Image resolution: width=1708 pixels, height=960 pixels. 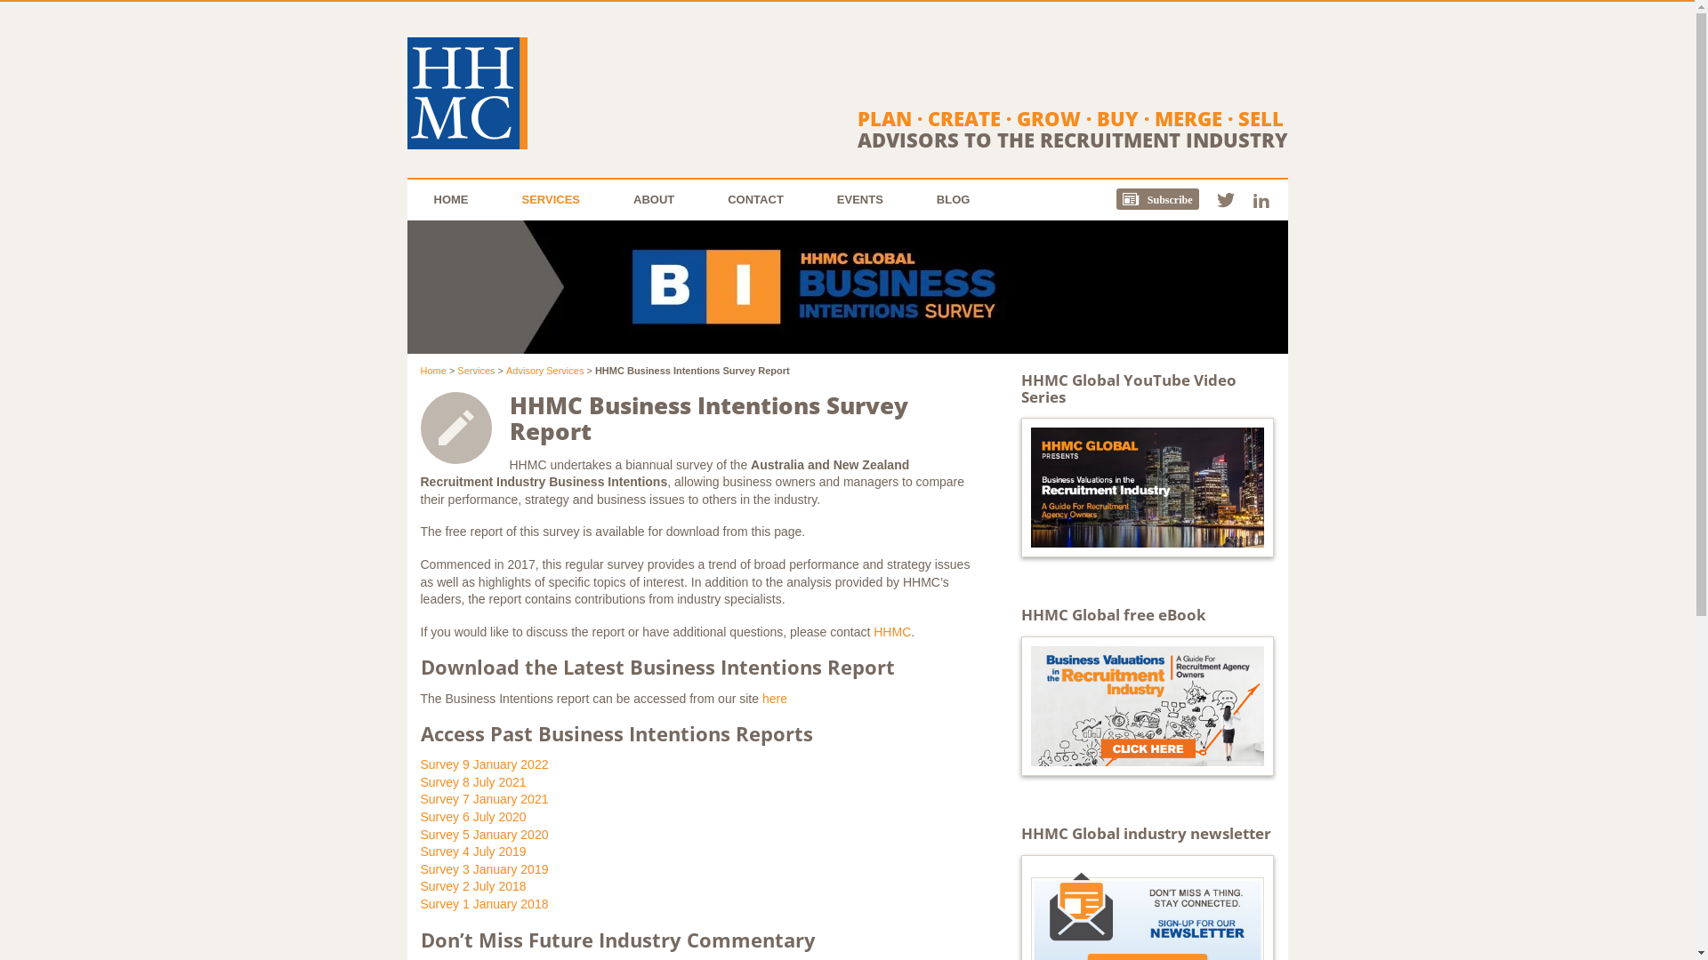 What do you see at coordinates (550, 199) in the screenshot?
I see `'SERVICES'` at bounding box center [550, 199].